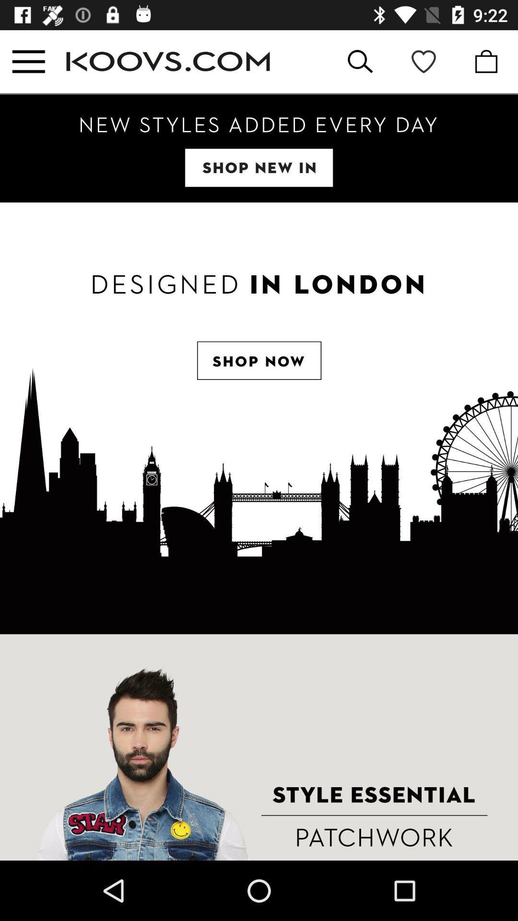  I want to click on main menu, so click(28, 61).